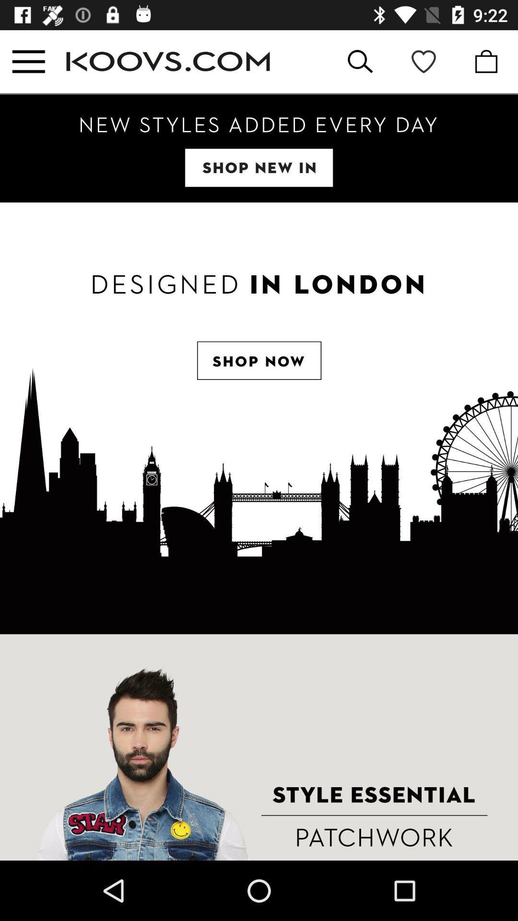  I want to click on main menu, so click(28, 61).